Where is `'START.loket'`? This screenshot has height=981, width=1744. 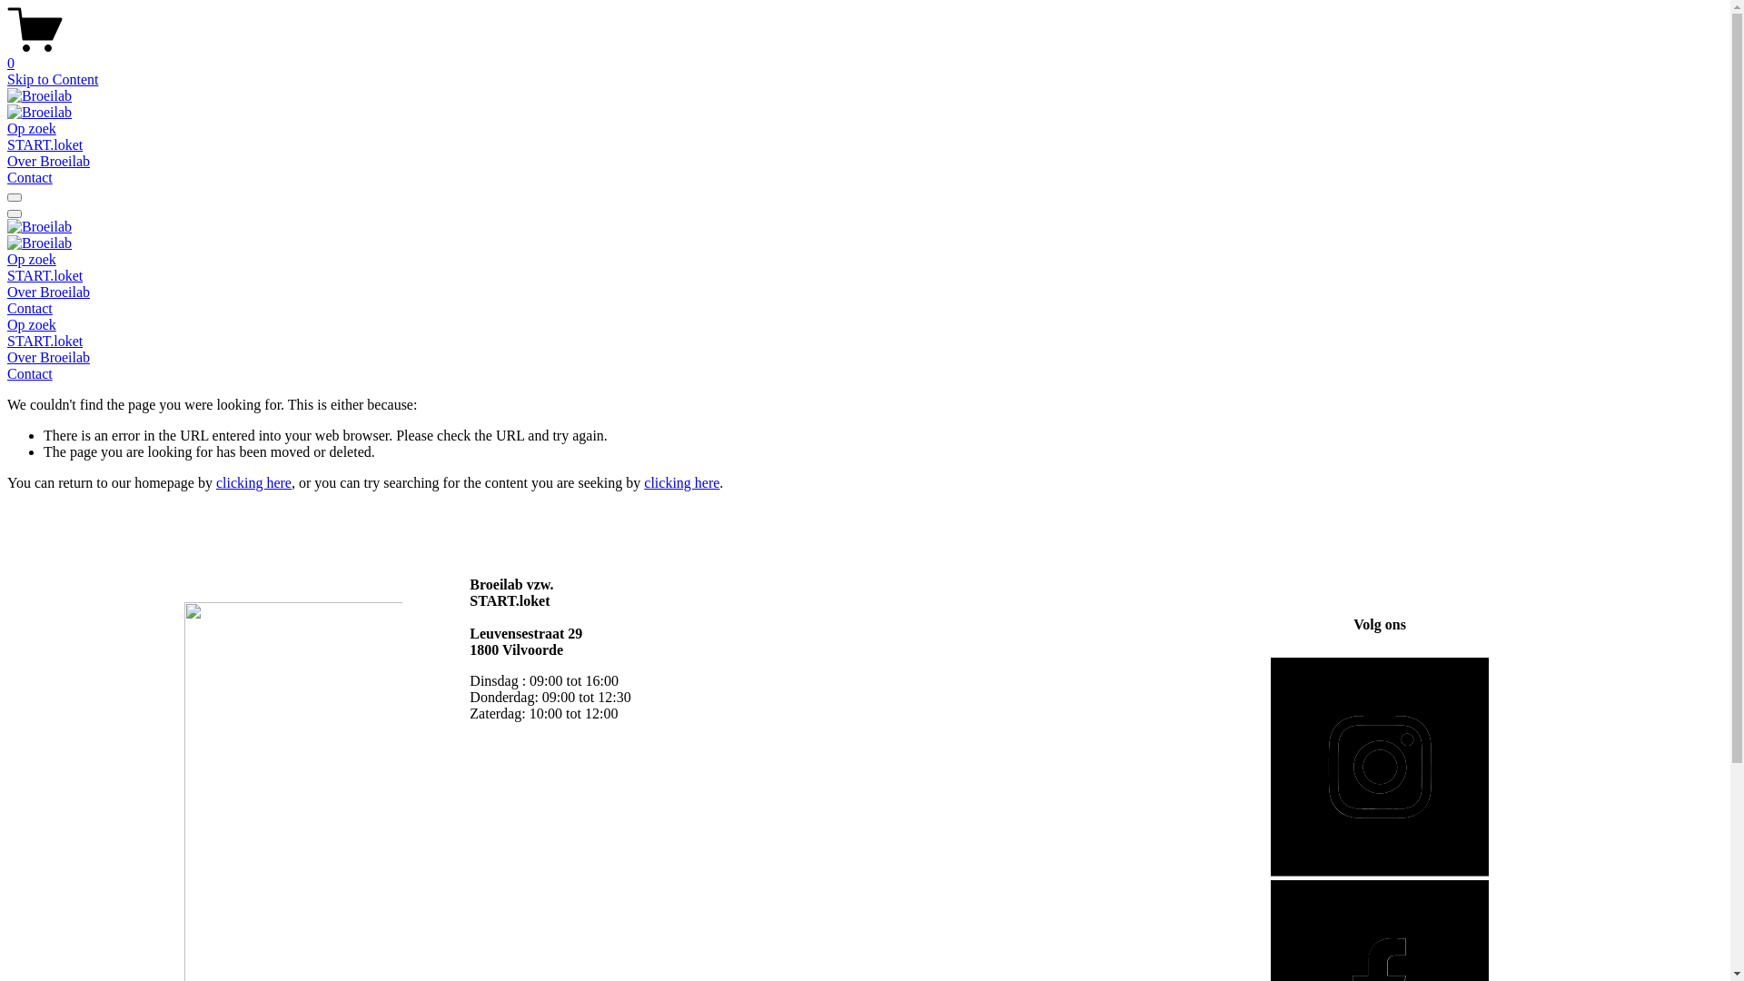 'START.loket' is located at coordinates (45, 144).